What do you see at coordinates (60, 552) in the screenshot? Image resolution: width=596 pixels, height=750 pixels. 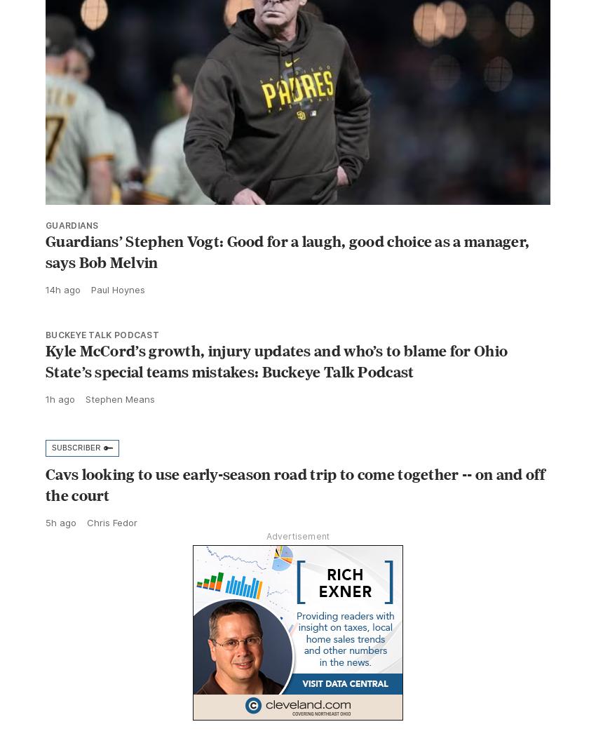 I see `'5h ago'` at bounding box center [60, 552].